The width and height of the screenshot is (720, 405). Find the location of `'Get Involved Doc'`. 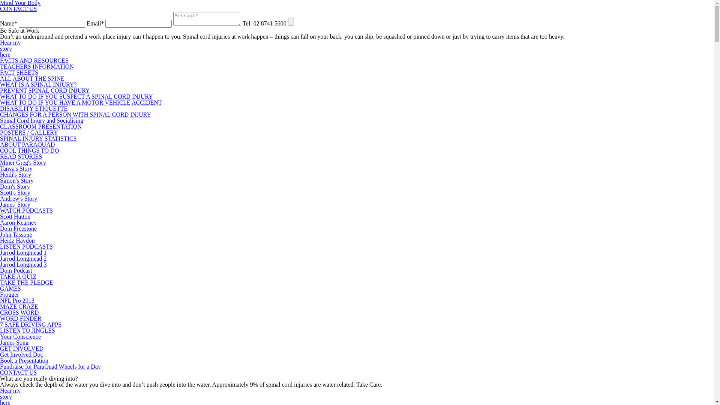

'Get Involved Doc' is located at coordinates (21, 354).